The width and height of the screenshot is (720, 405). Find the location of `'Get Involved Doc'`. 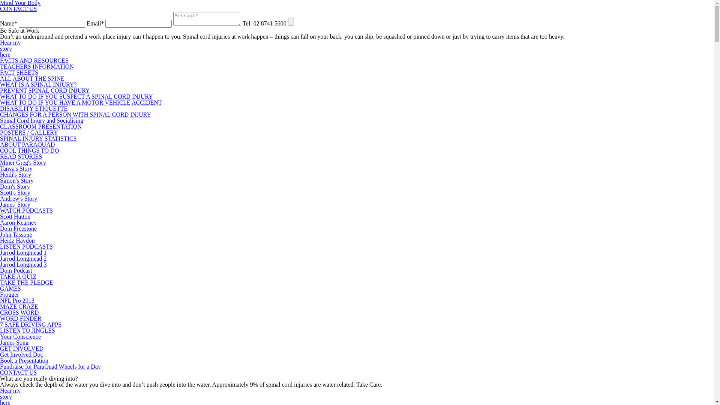

'Get Involved Doc' is located at coordinates (21, 354).